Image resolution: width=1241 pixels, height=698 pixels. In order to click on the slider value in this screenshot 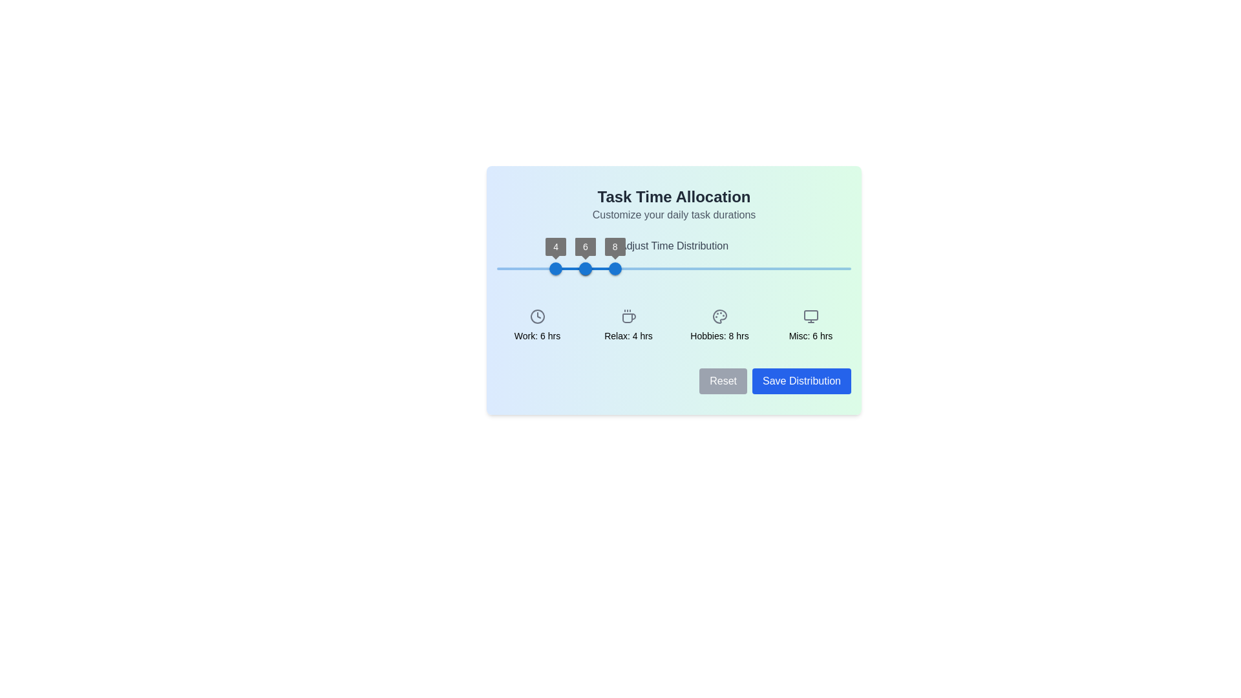, I will do `click(564, 268)`.